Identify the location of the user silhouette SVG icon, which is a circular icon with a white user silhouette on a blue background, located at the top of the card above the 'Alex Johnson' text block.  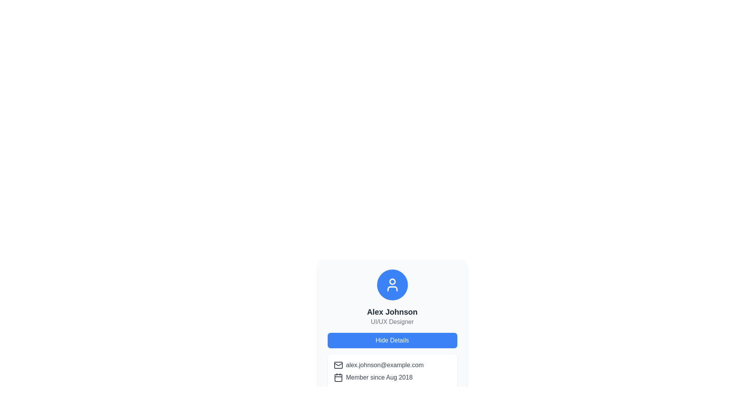
(392, 285).